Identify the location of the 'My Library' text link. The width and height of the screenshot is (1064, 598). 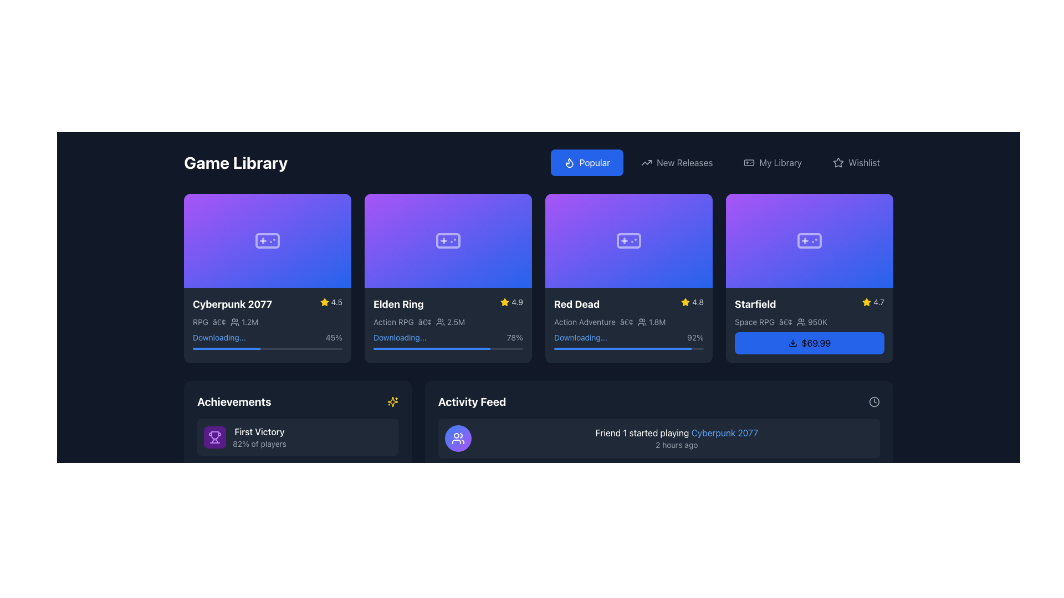
(780, 162).